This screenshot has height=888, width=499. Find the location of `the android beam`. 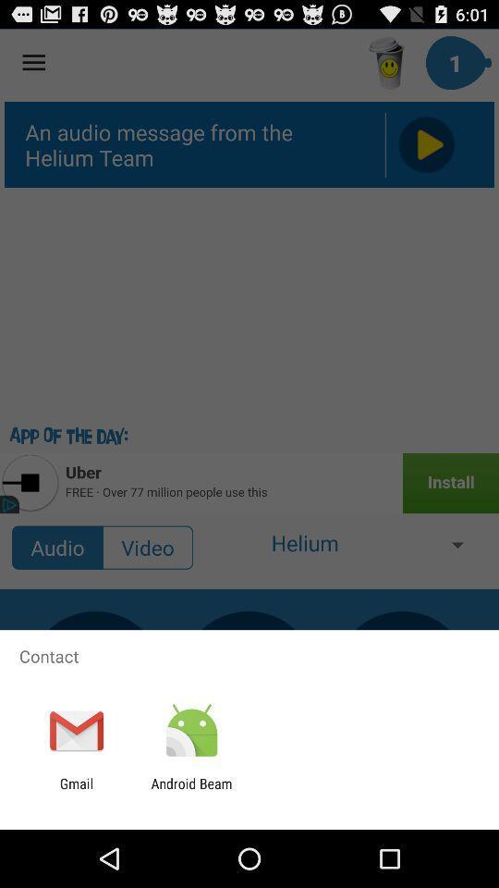

the android beam is located at coordinates (190, 791).